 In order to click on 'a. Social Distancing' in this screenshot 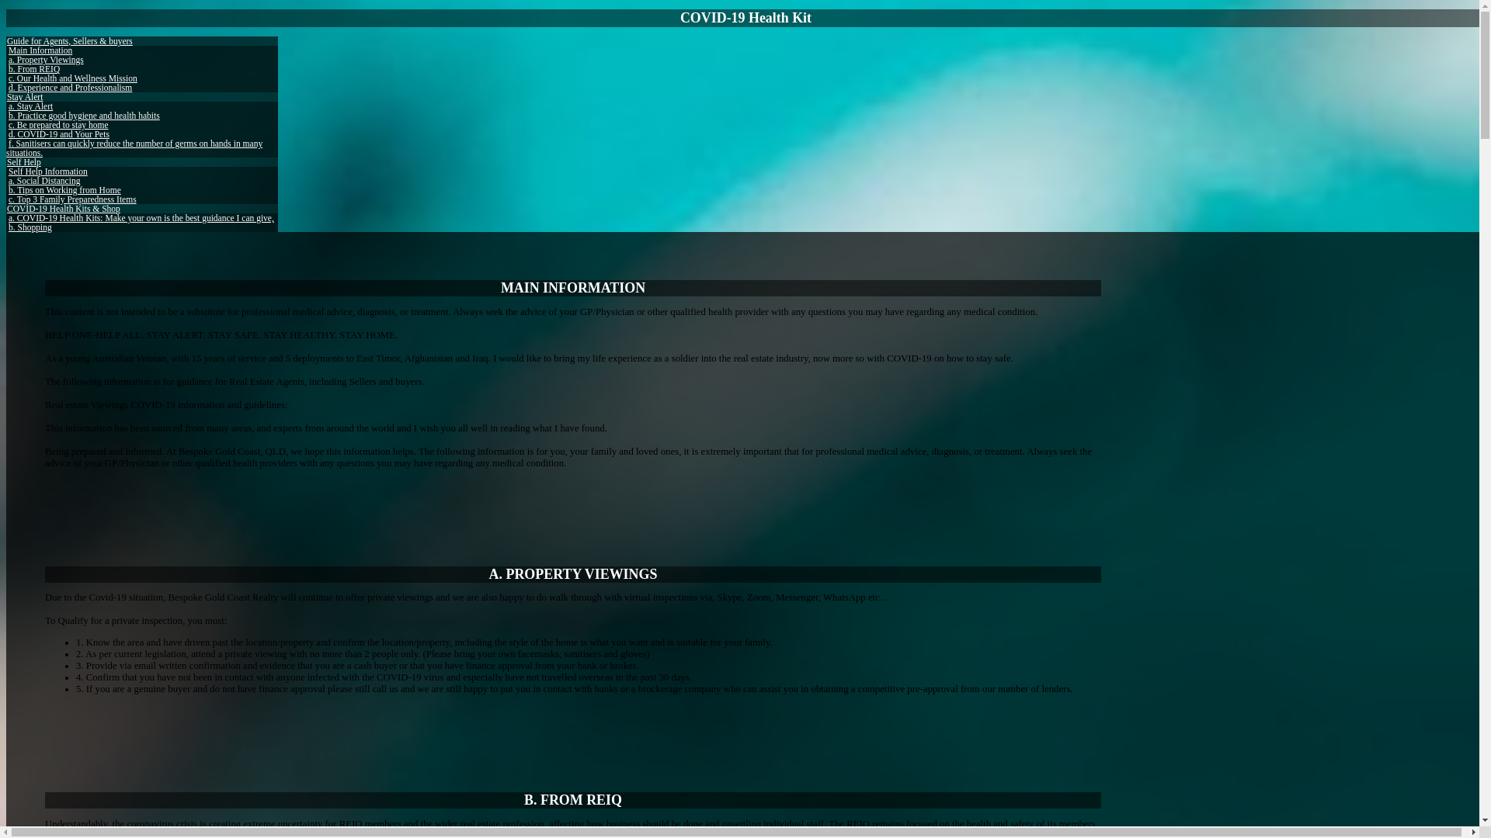, I will do `click(44, 179)`.